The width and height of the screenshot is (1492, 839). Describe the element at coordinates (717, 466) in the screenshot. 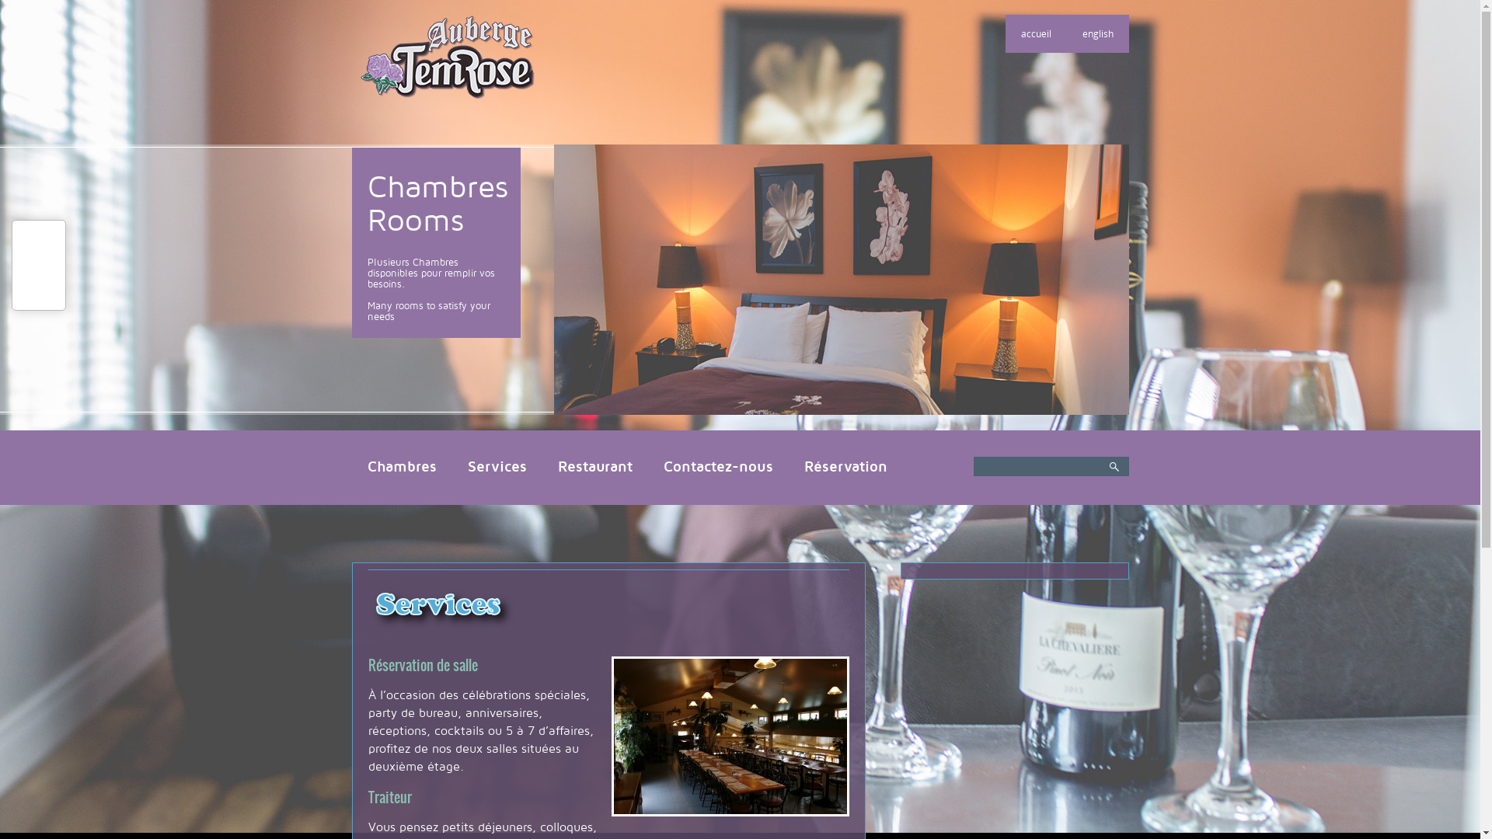

I see `'Contactez-nous'` at that location.